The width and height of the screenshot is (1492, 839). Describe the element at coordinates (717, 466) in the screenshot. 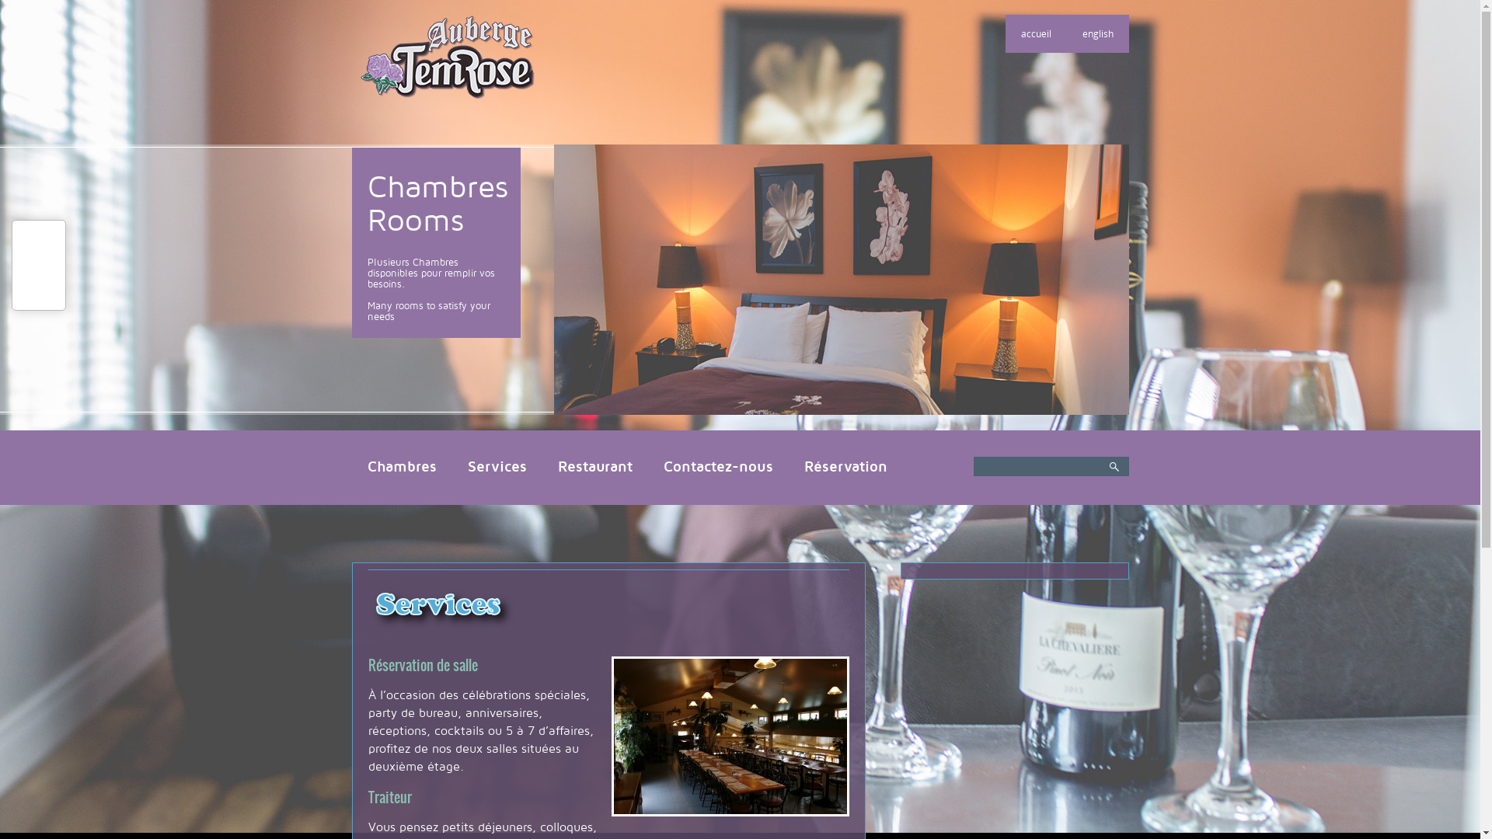

I see `'Contactez-nous'` at that location.